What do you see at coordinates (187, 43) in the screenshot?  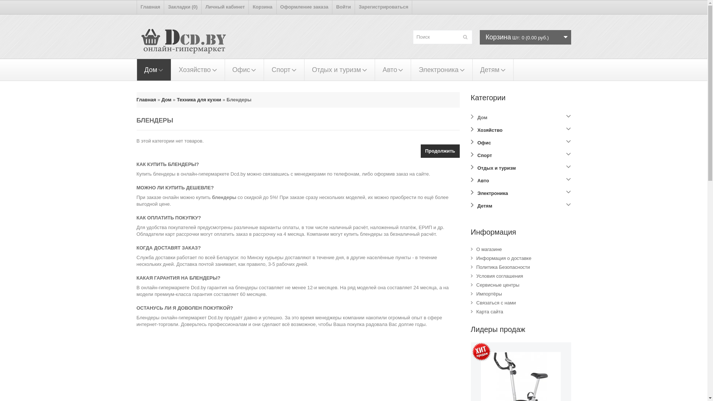 I see `'Dcd.by'` at bounding box center [187, 43].